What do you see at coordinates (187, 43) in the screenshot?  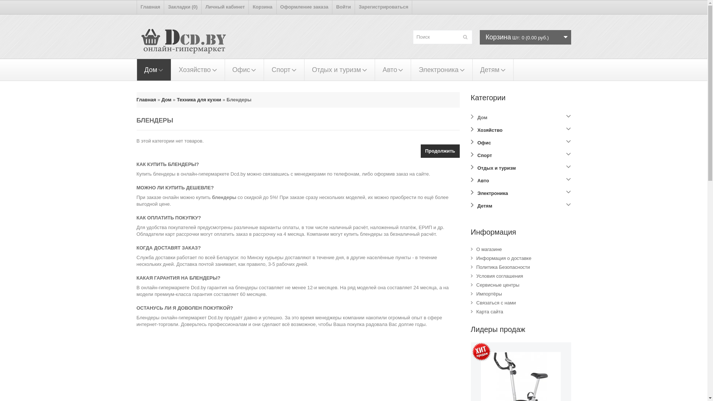 I see `'Dcd.by'` at bounding box center [187, 43].